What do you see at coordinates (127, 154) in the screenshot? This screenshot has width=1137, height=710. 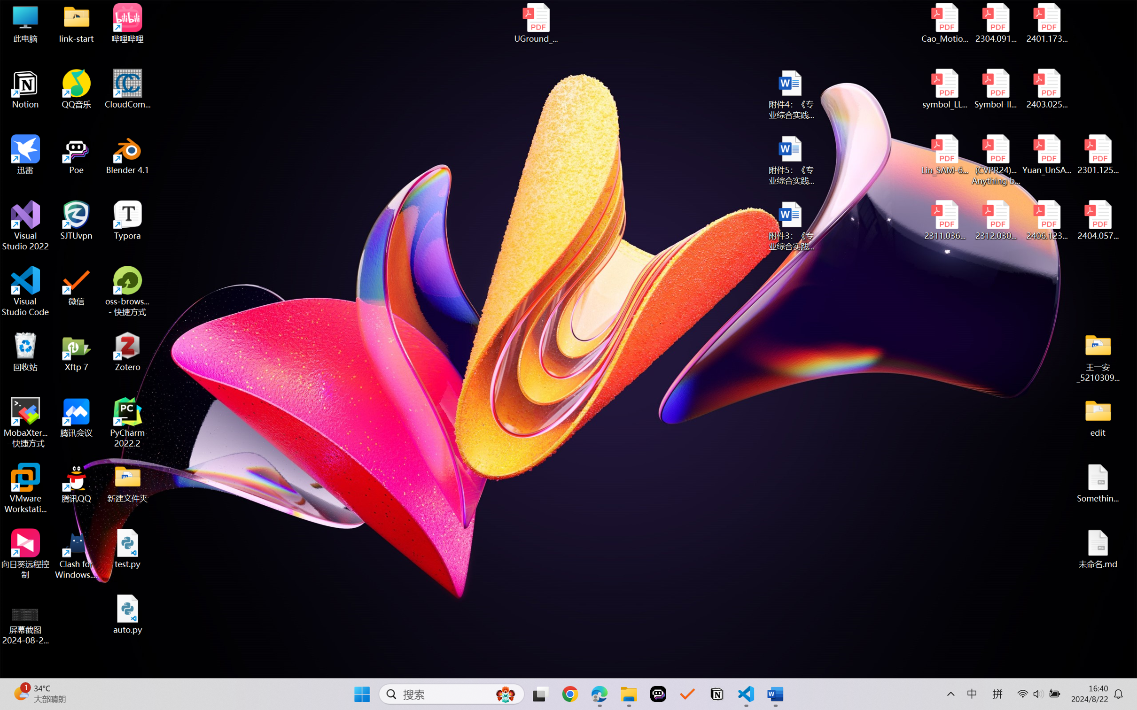 I see `'Blender 4.1'` at bounding box center [127, 154].